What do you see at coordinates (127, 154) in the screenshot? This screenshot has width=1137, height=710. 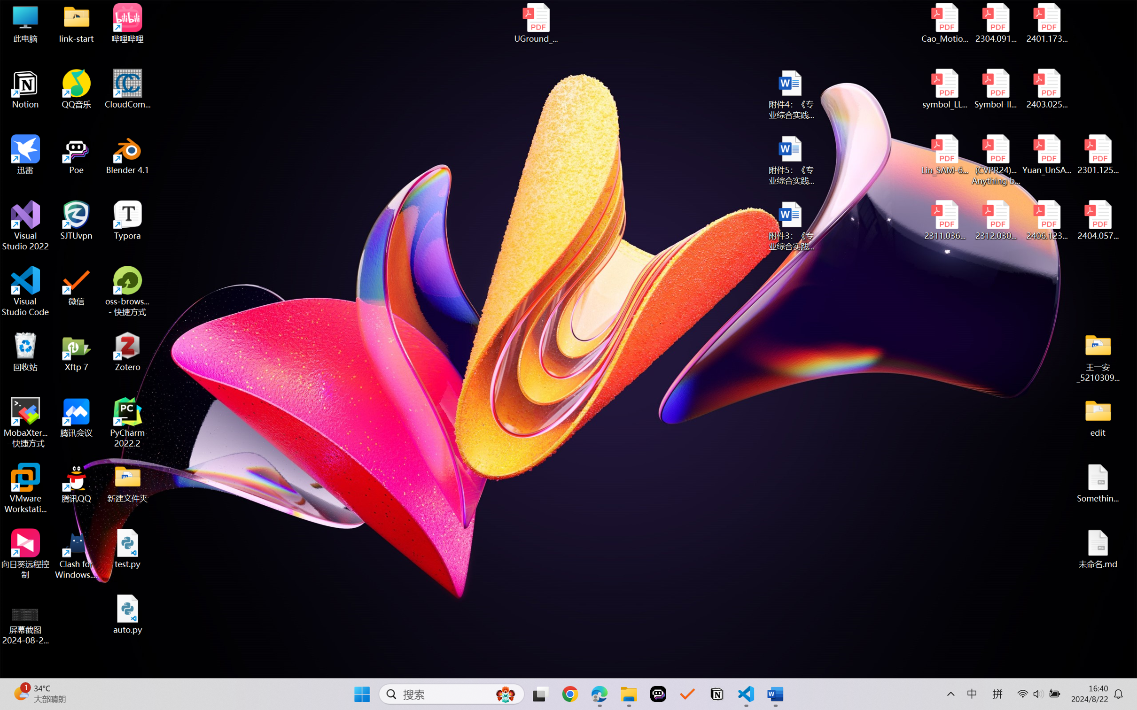 I see `'Blender 4.1'` at bounding box center [127, 154].